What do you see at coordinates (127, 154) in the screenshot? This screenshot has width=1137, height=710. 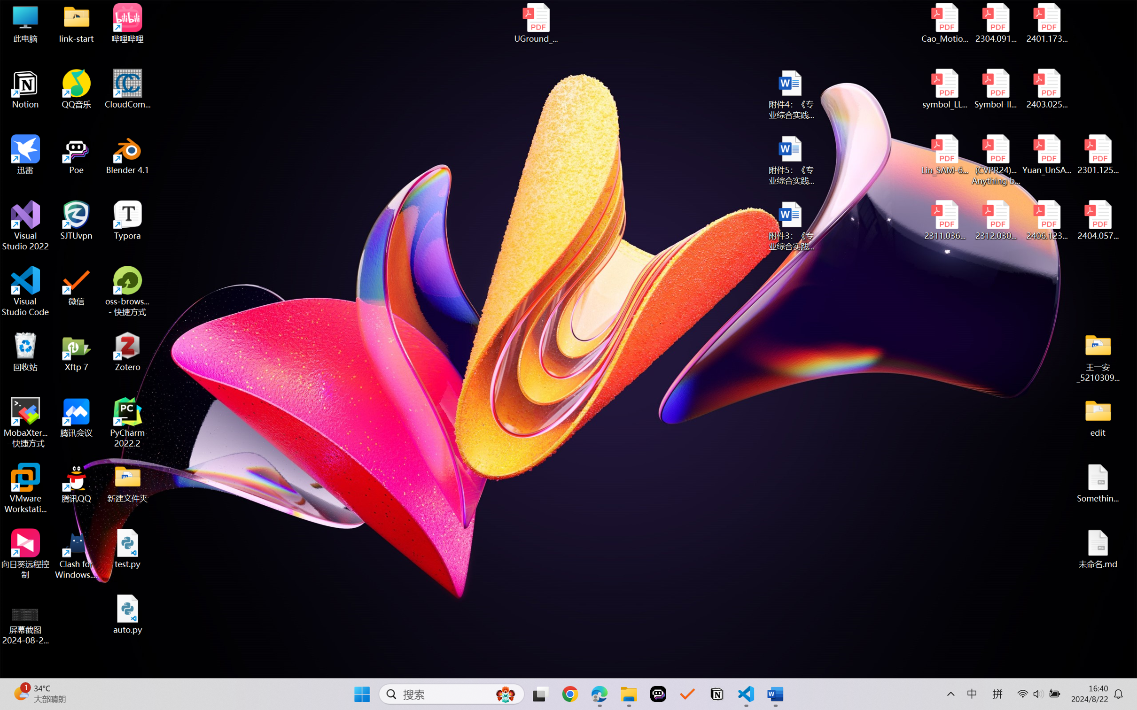 I see `'Blender 4.1'` at bounding box center [127, 154].